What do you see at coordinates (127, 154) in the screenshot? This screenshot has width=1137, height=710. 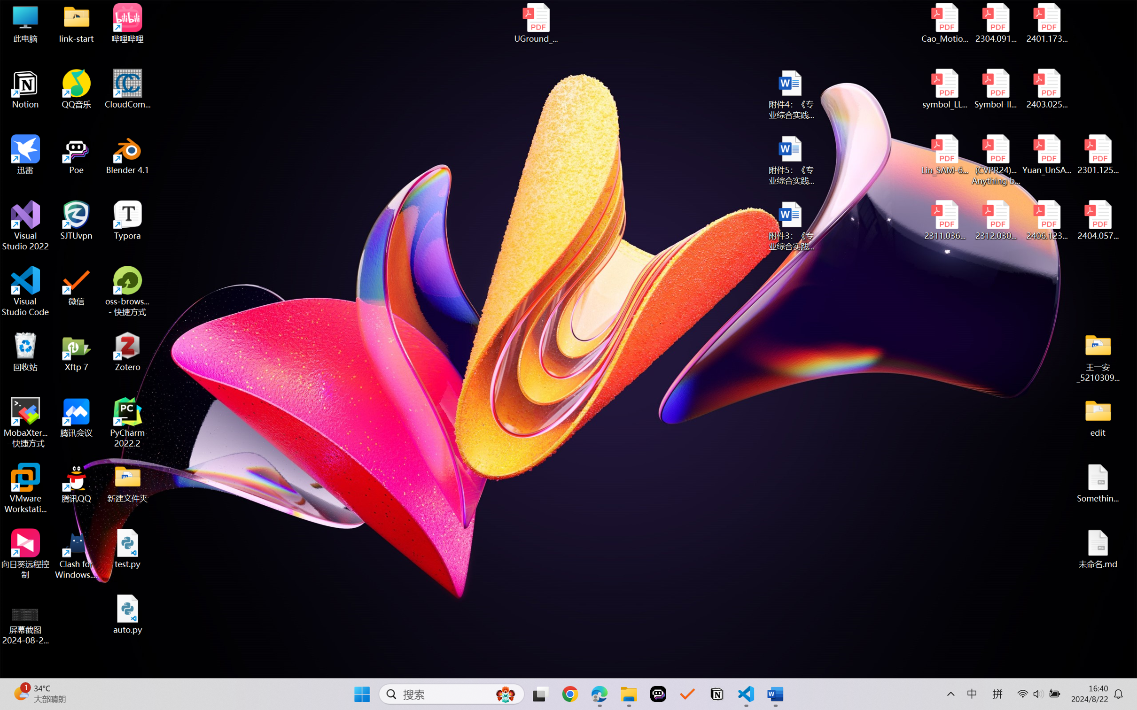 I see `'Blender 4.1'` at bounding box center [127, 154].